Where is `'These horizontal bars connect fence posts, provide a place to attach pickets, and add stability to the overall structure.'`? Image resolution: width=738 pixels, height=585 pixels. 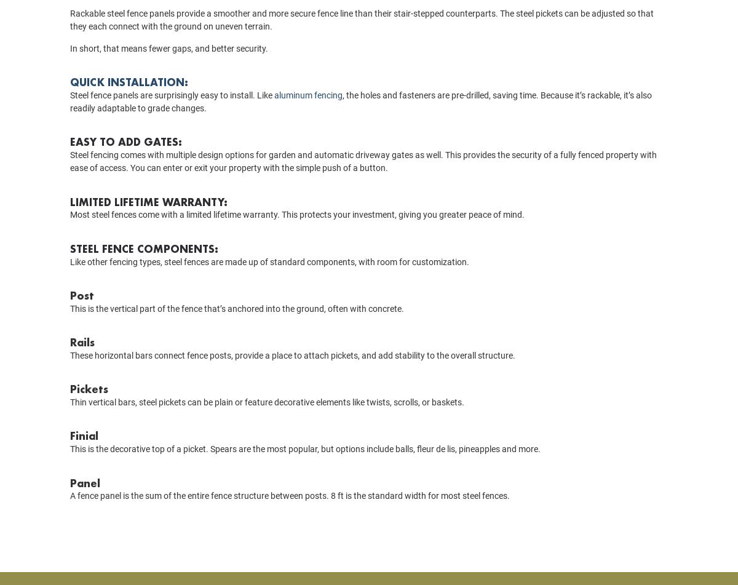
'These horizontal bars connect fence posts, provide a place to attach pickets, and add stability to the overall structure.' is located at coordinates (70, 372).